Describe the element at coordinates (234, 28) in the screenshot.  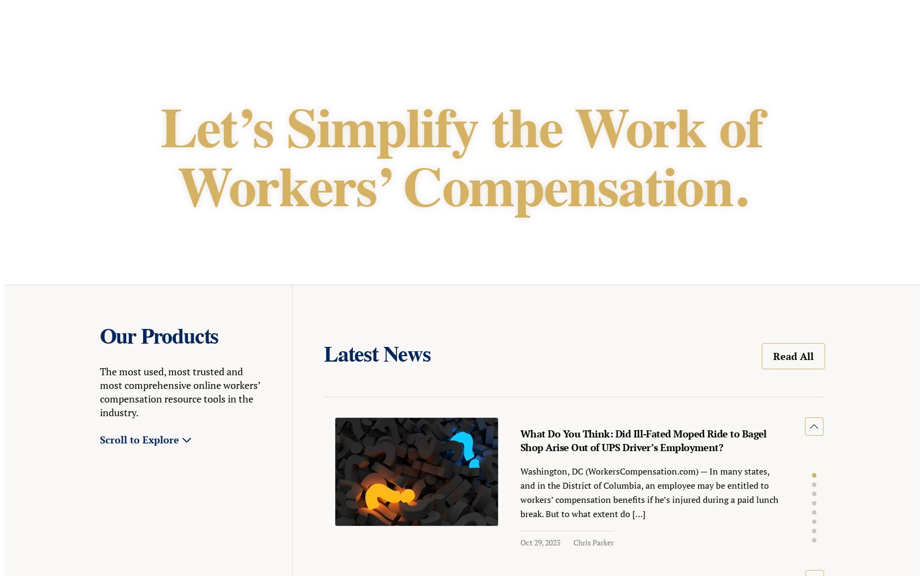
I see `'Solutions'` at that location.